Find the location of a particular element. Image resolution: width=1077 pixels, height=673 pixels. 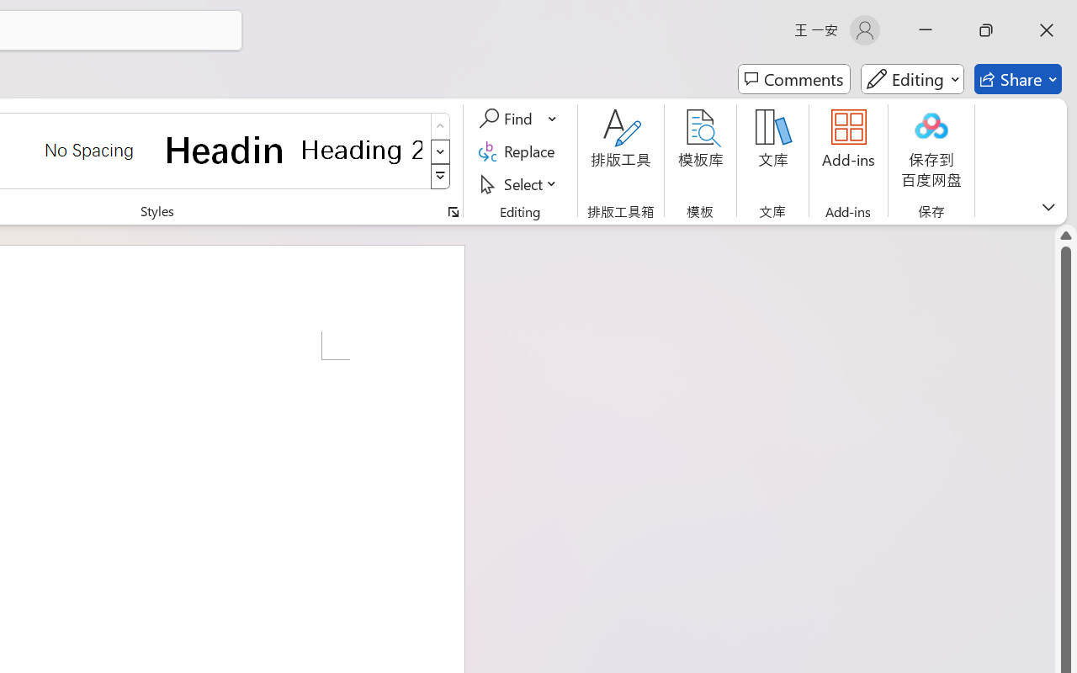

'Styles' is located at coordinates (440, 177).